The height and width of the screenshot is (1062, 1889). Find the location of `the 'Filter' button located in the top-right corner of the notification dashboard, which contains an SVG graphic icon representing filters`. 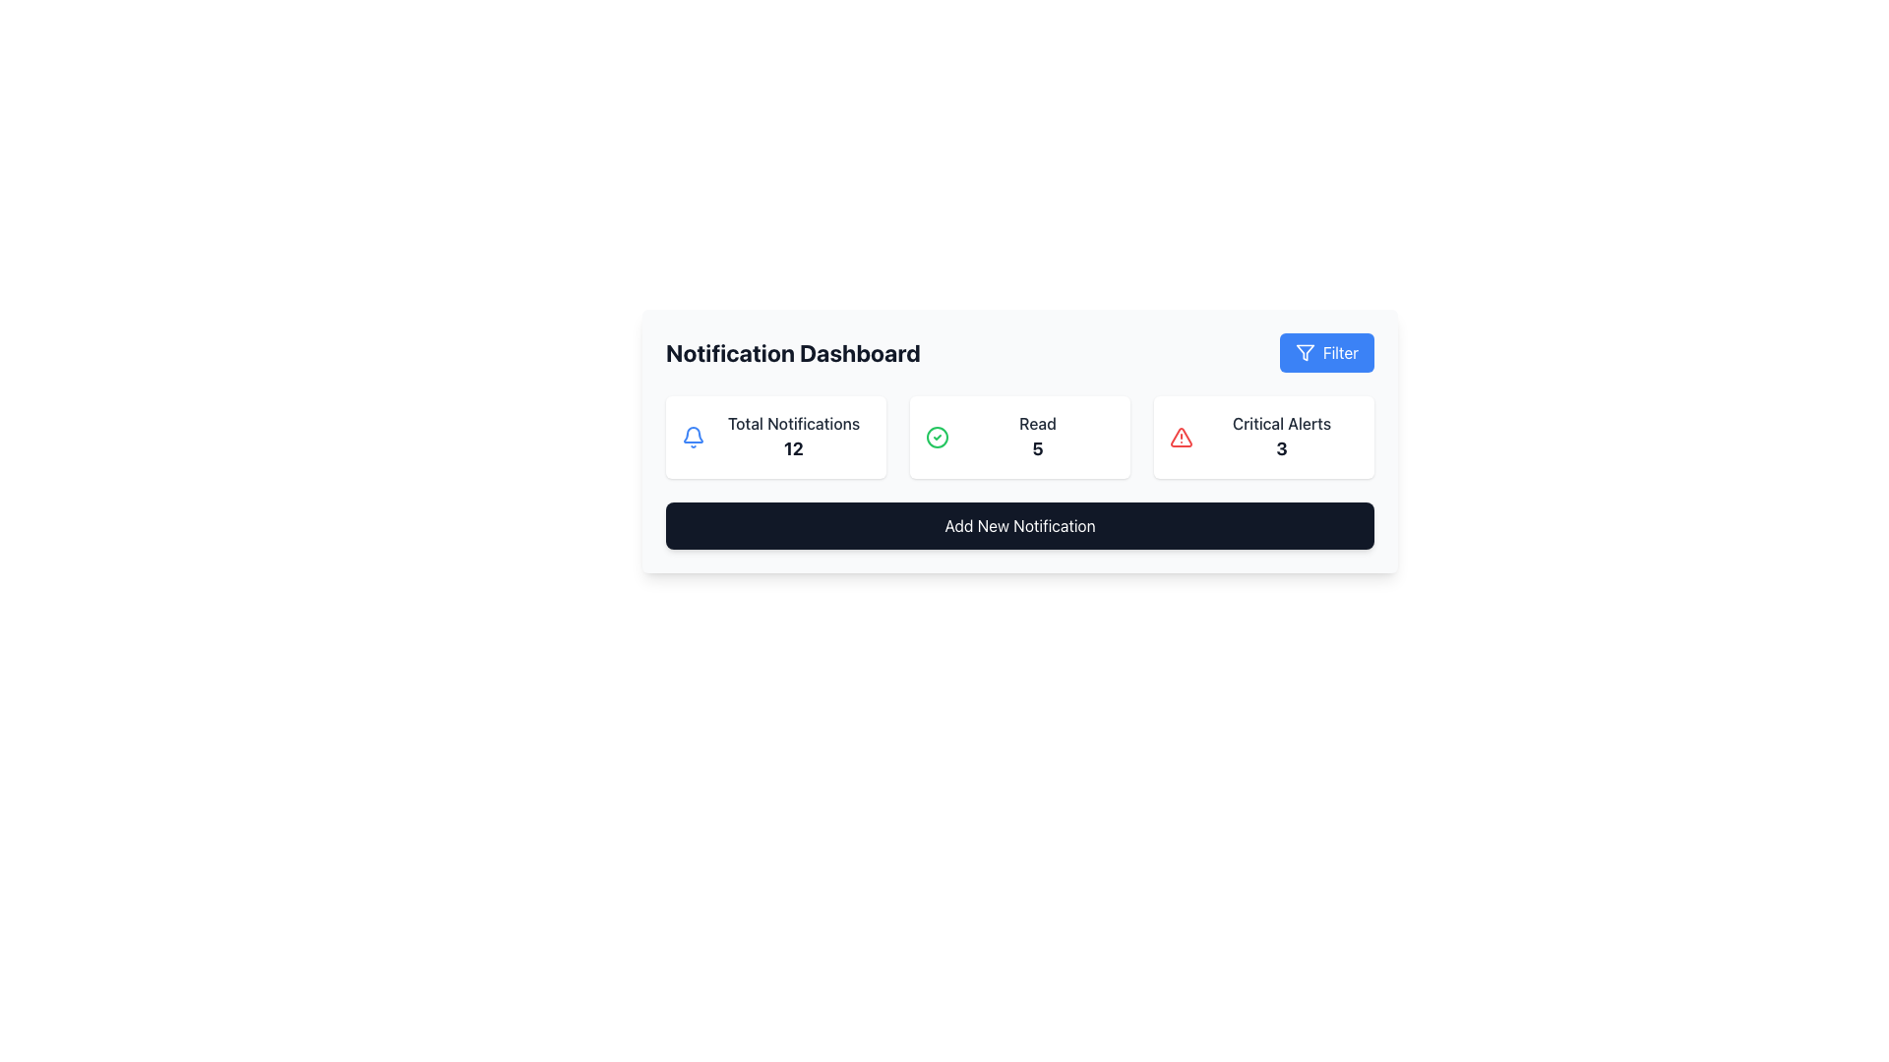

the 'Filter' button located in the top-right corner of the notification dashboard, which contains an SVG graphic icon representing filters is located at coordinates (1305, 351).